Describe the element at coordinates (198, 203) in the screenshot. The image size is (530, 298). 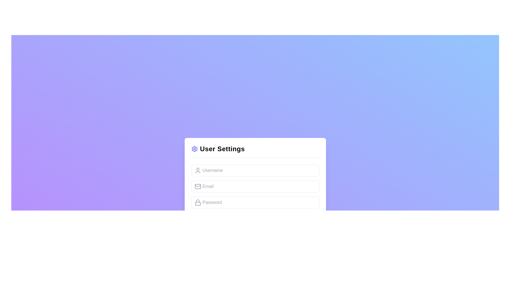
I see `the lower rectangular portion of the lock icon, which represents the password field in the user settings form, located to the left of the 'Password' text field` at that location.